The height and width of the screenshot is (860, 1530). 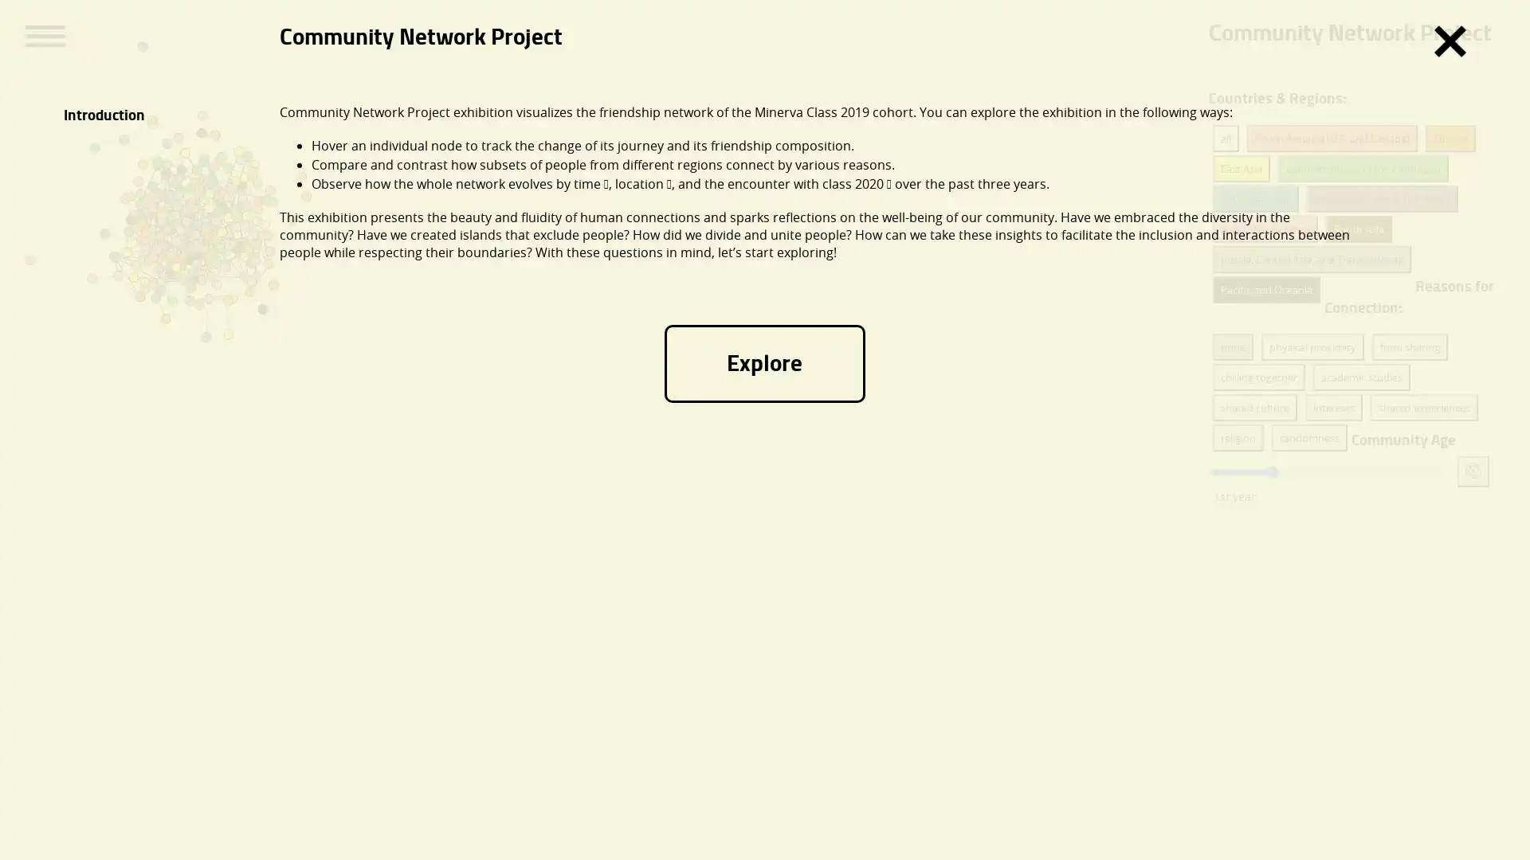 What do you see at coordinates (1309, 438) in the screenshot?
I see `randomness` at bounding box center [1309, 438].